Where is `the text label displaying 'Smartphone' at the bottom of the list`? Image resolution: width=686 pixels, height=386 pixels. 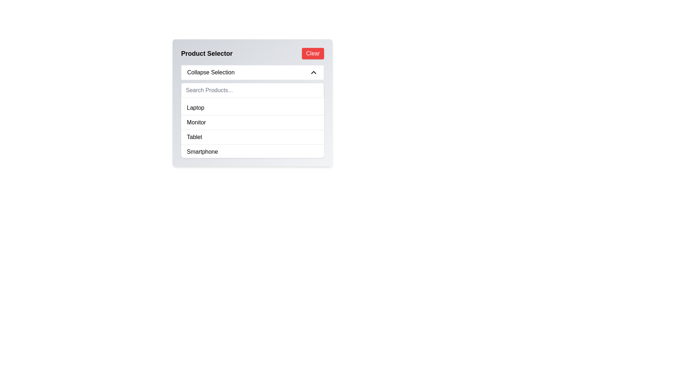 the text label displaying 'Smartphone' at the bottom of the list is located at coordinates (202, 151).